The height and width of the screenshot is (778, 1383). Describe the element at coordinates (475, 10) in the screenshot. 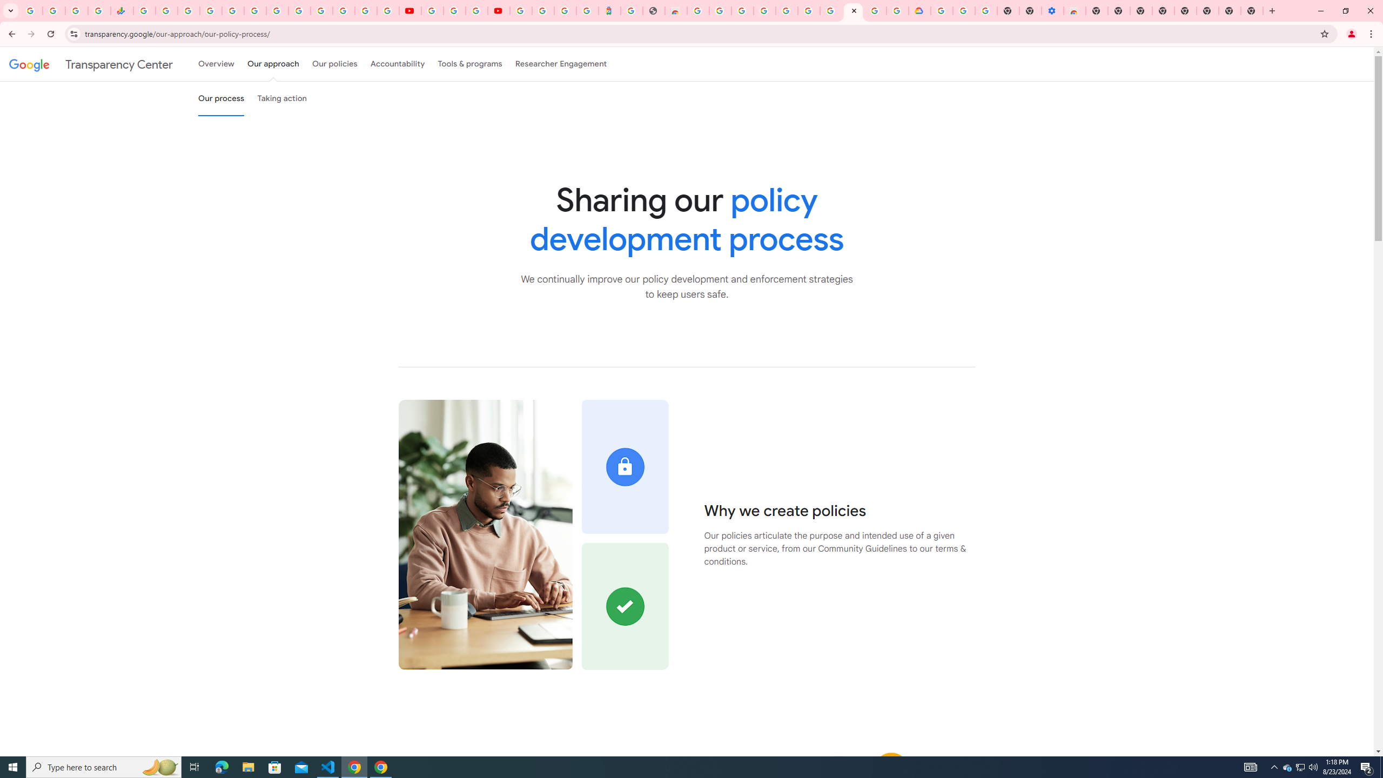

I see `'Create your Google Account'` at that location.